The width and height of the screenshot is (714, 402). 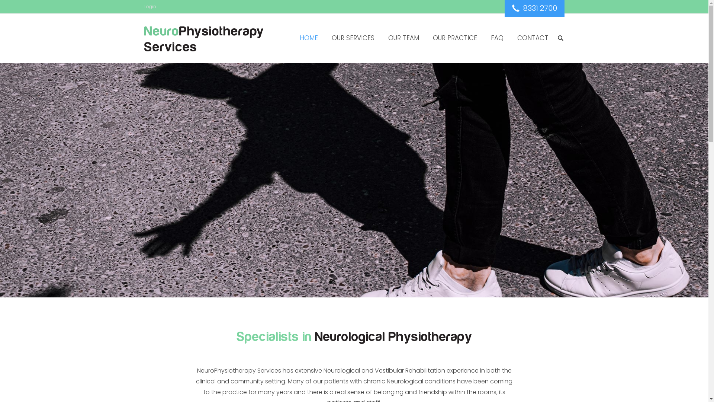 What do you see at coordinates (510, 38) in the screenshot?
I see `'CONTACT'` at bounding box center [510, 38].